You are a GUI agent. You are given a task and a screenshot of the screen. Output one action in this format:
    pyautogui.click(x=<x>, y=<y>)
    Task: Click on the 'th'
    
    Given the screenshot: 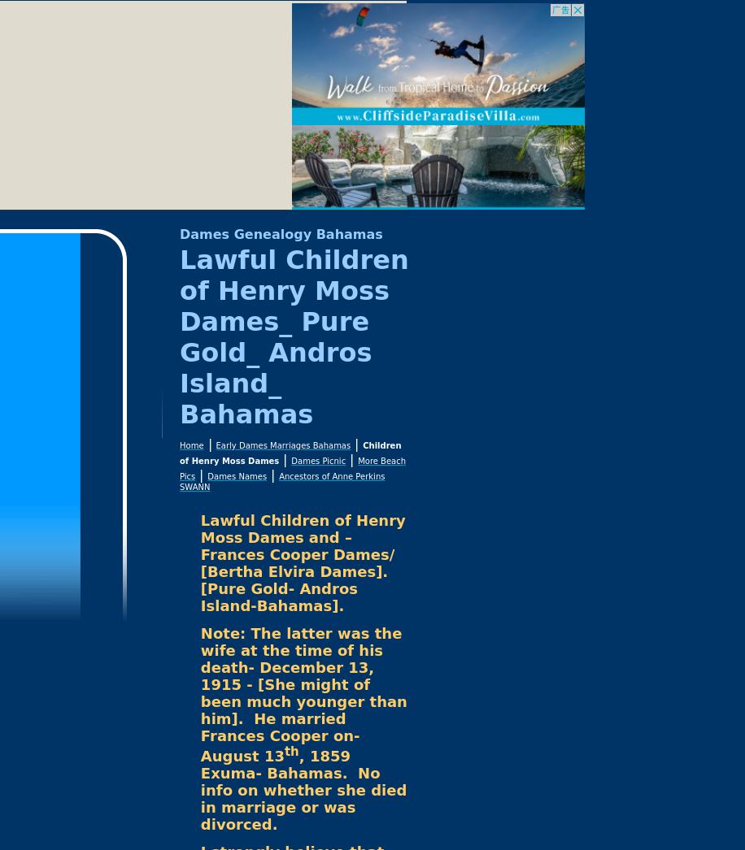 What is the action you would take?
    pyautogui.click(x=290, y=751)
    